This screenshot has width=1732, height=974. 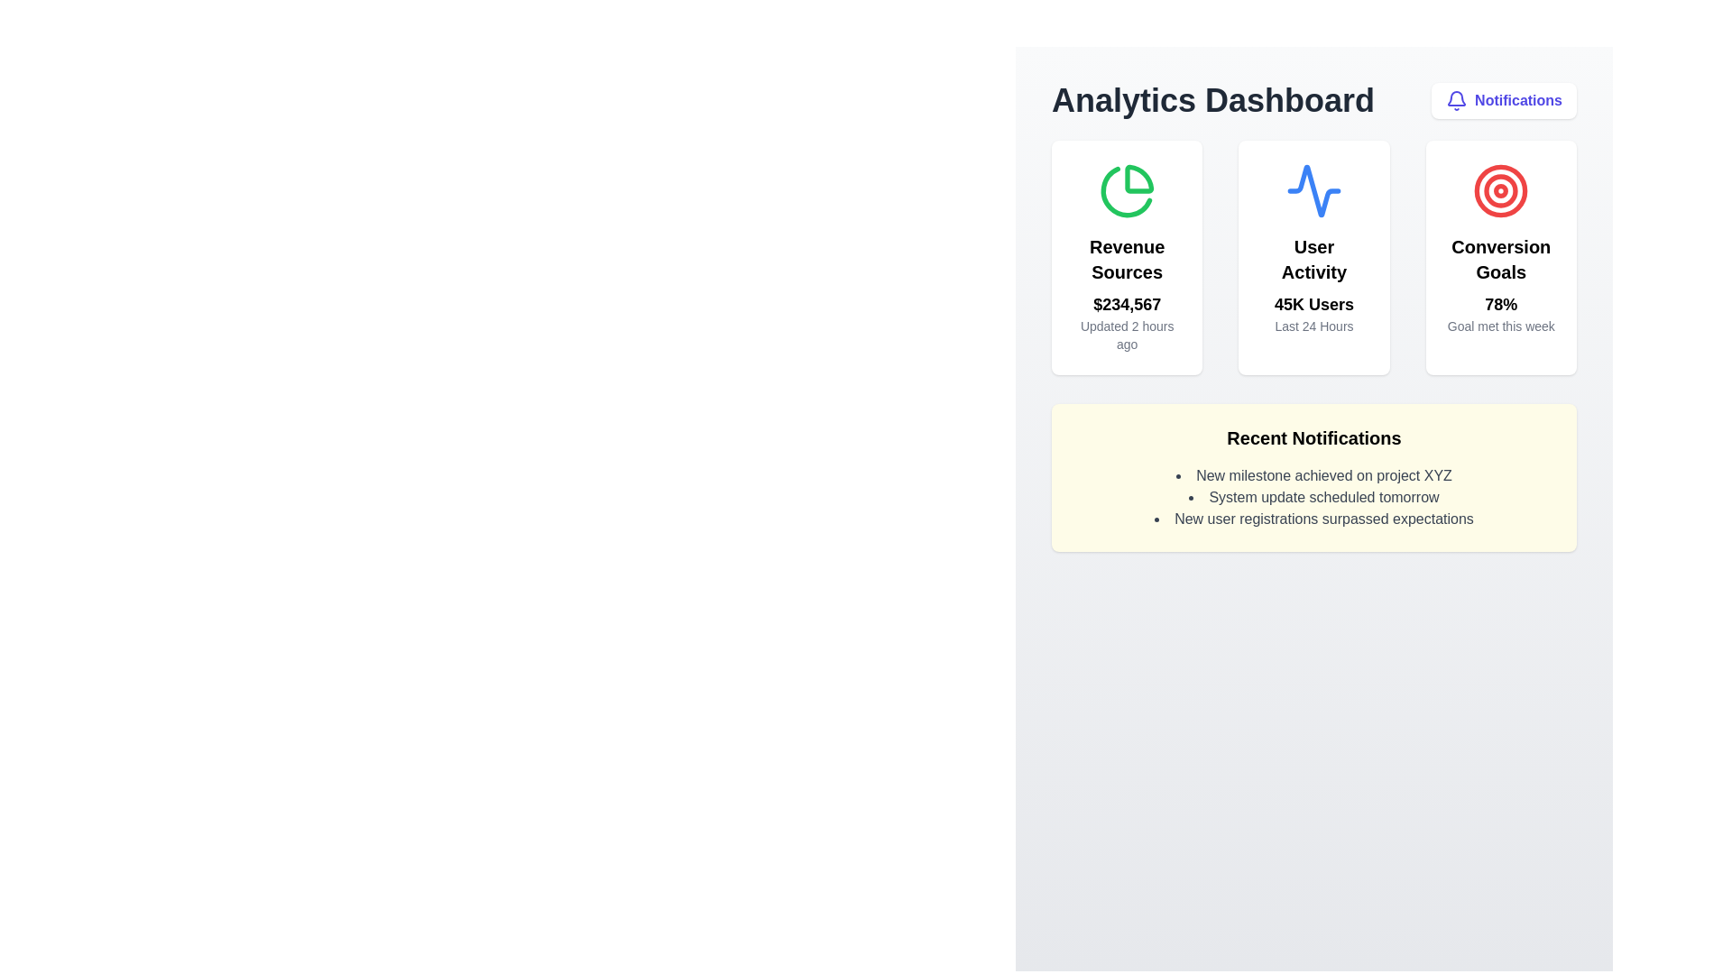 I want to click on the heading or text label located at the top of the first card in a horizontal row of three cards on the dashboard, so click(x=1126, y=260).